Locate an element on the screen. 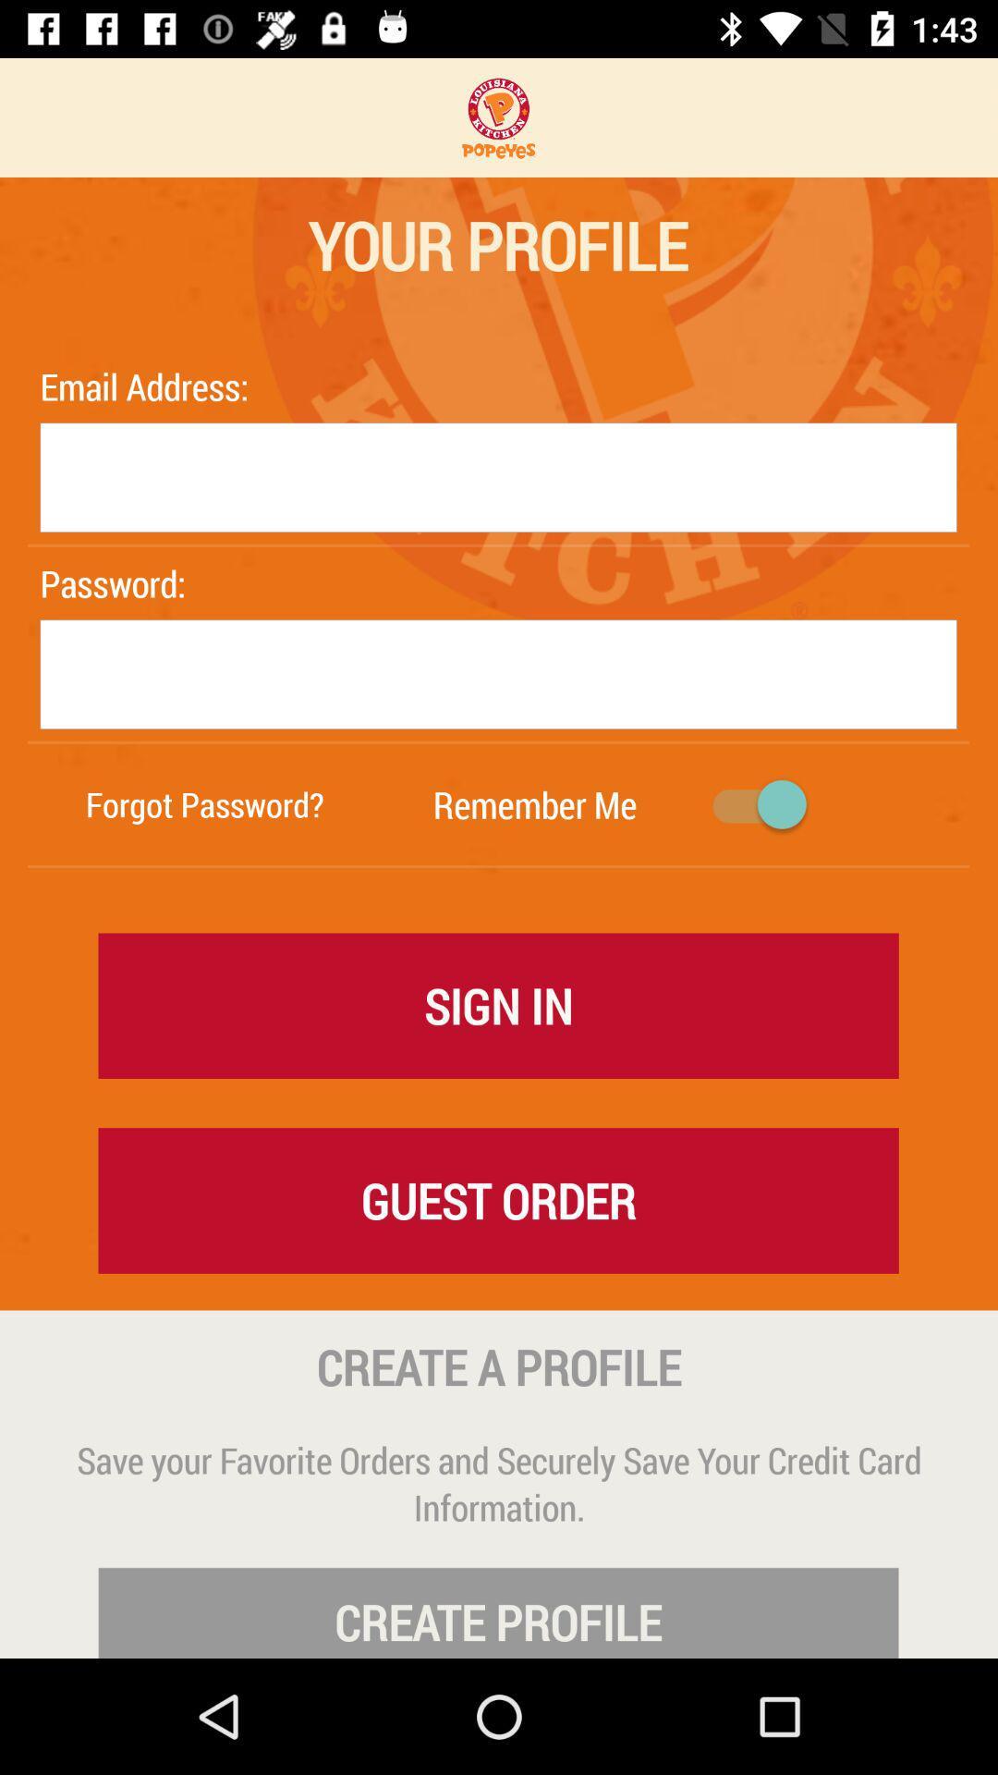 The height and width of the screenshot is (1775, 998). the item below create a profile icon is located at coordinates (499, 1483).